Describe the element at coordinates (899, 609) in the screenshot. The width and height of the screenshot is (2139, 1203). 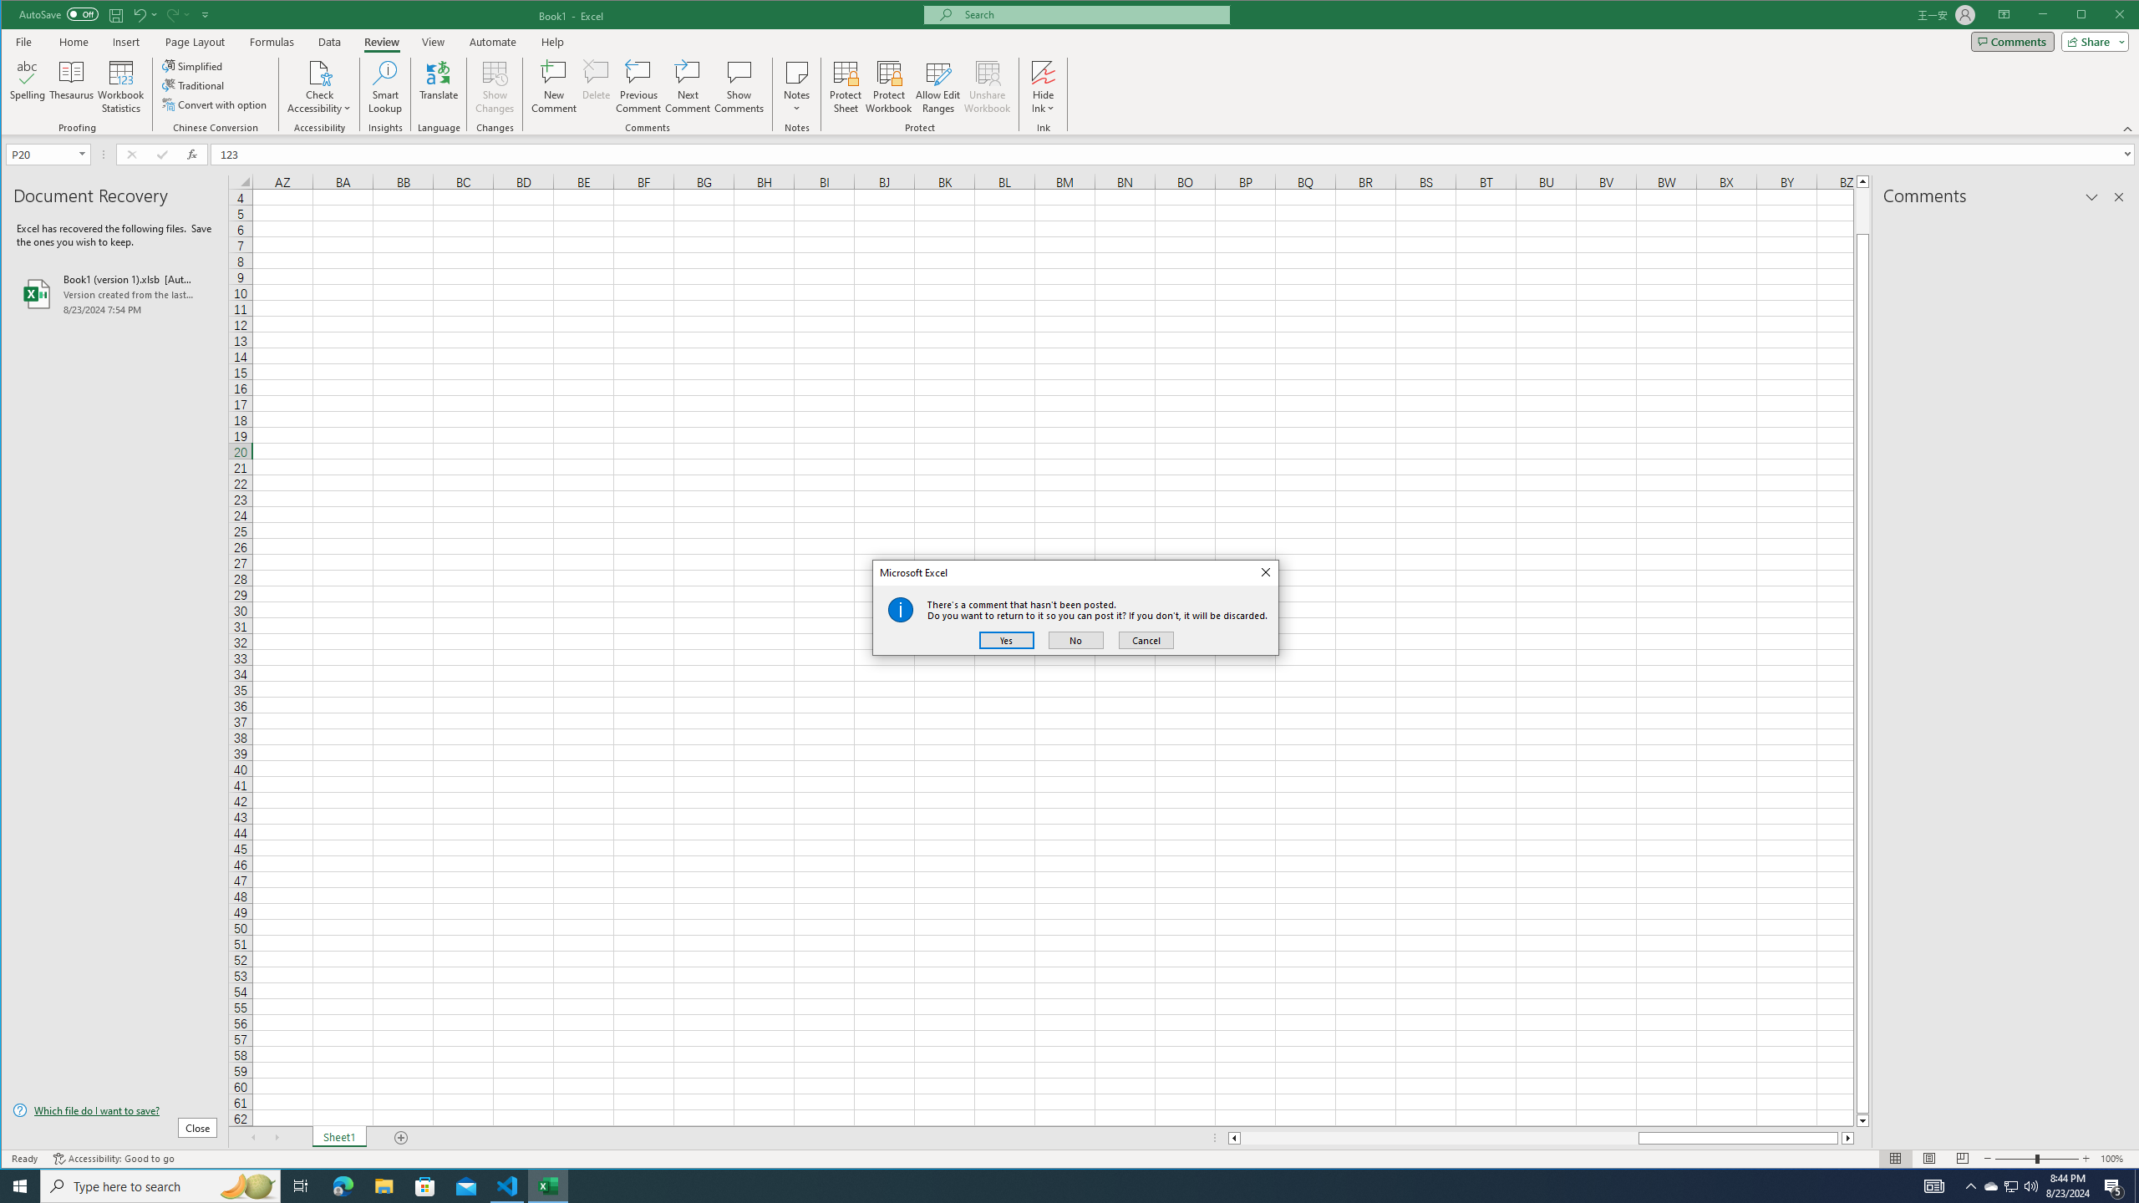
I see `'Class: Static'` at that location.